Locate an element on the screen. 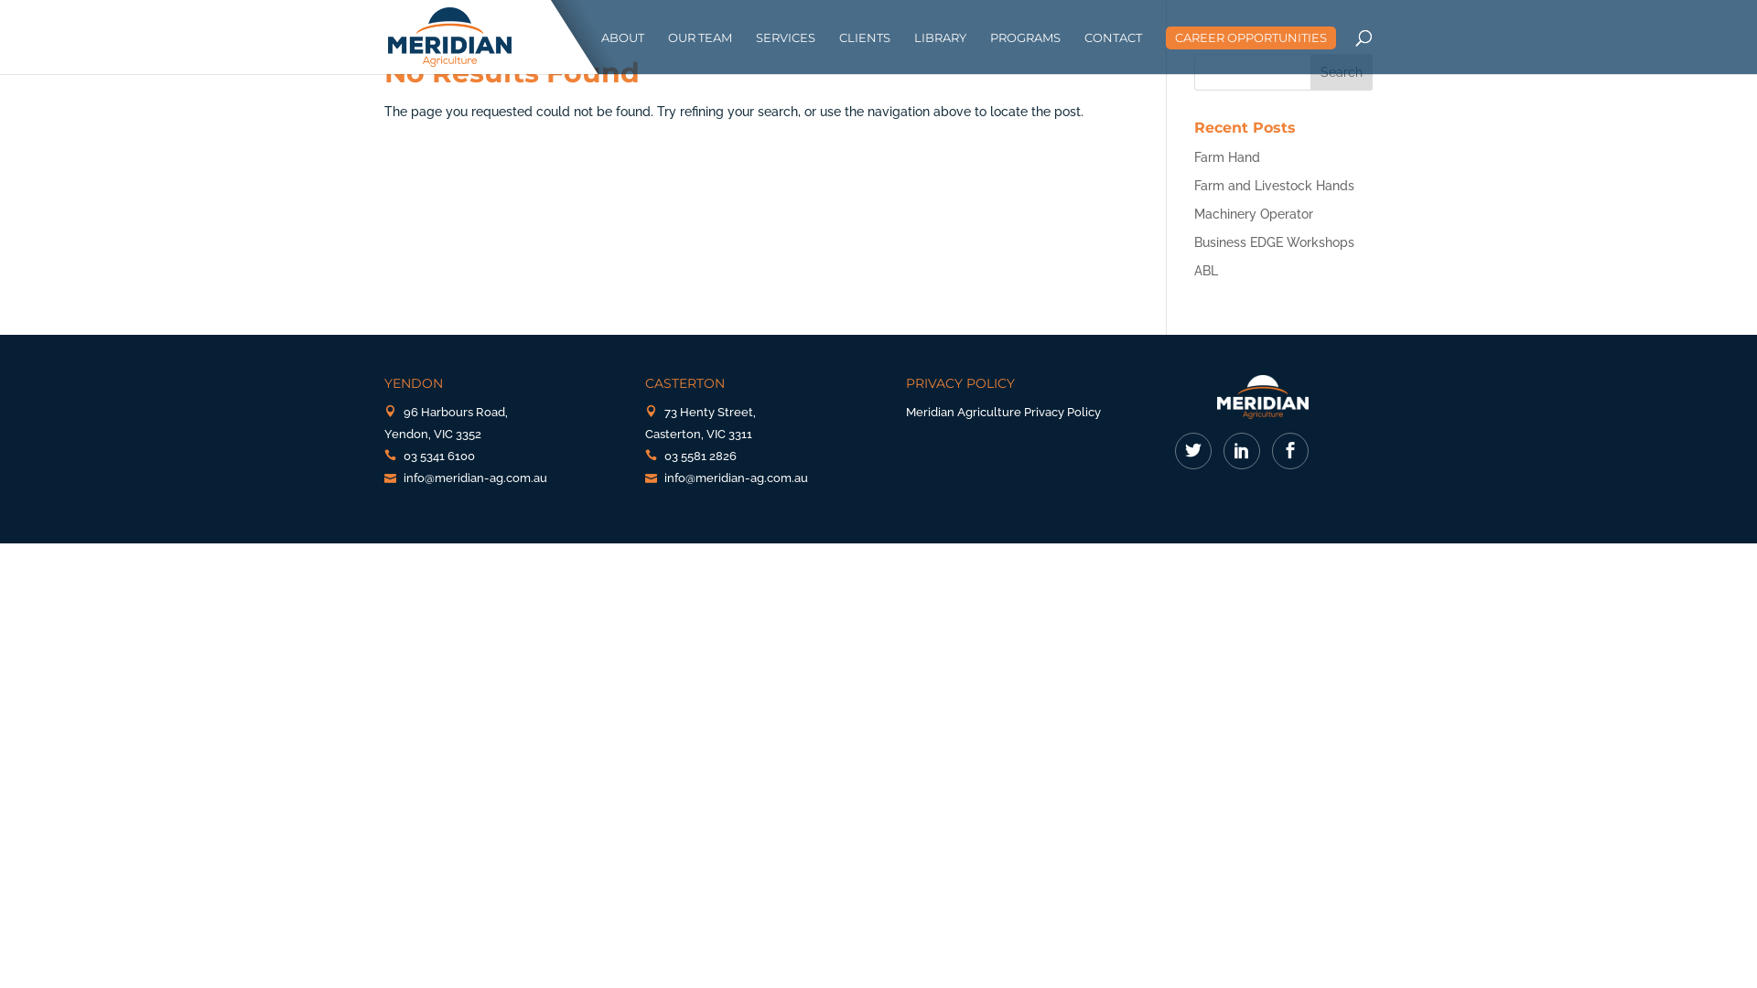 The height and width of the screenshot is (988, 1757). 'Meridian Agriculture Privacy Policy' is located at coordinates (1002, 412).